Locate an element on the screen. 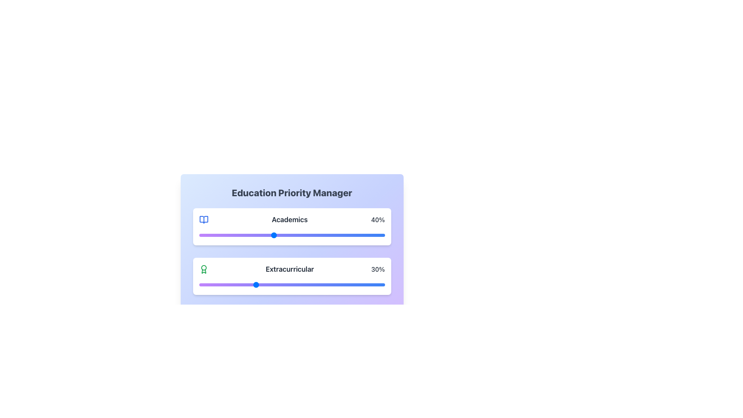 Image resolution: width=743 pixels, height=418 pixels. the slider value is located at coordinates (360, 235).